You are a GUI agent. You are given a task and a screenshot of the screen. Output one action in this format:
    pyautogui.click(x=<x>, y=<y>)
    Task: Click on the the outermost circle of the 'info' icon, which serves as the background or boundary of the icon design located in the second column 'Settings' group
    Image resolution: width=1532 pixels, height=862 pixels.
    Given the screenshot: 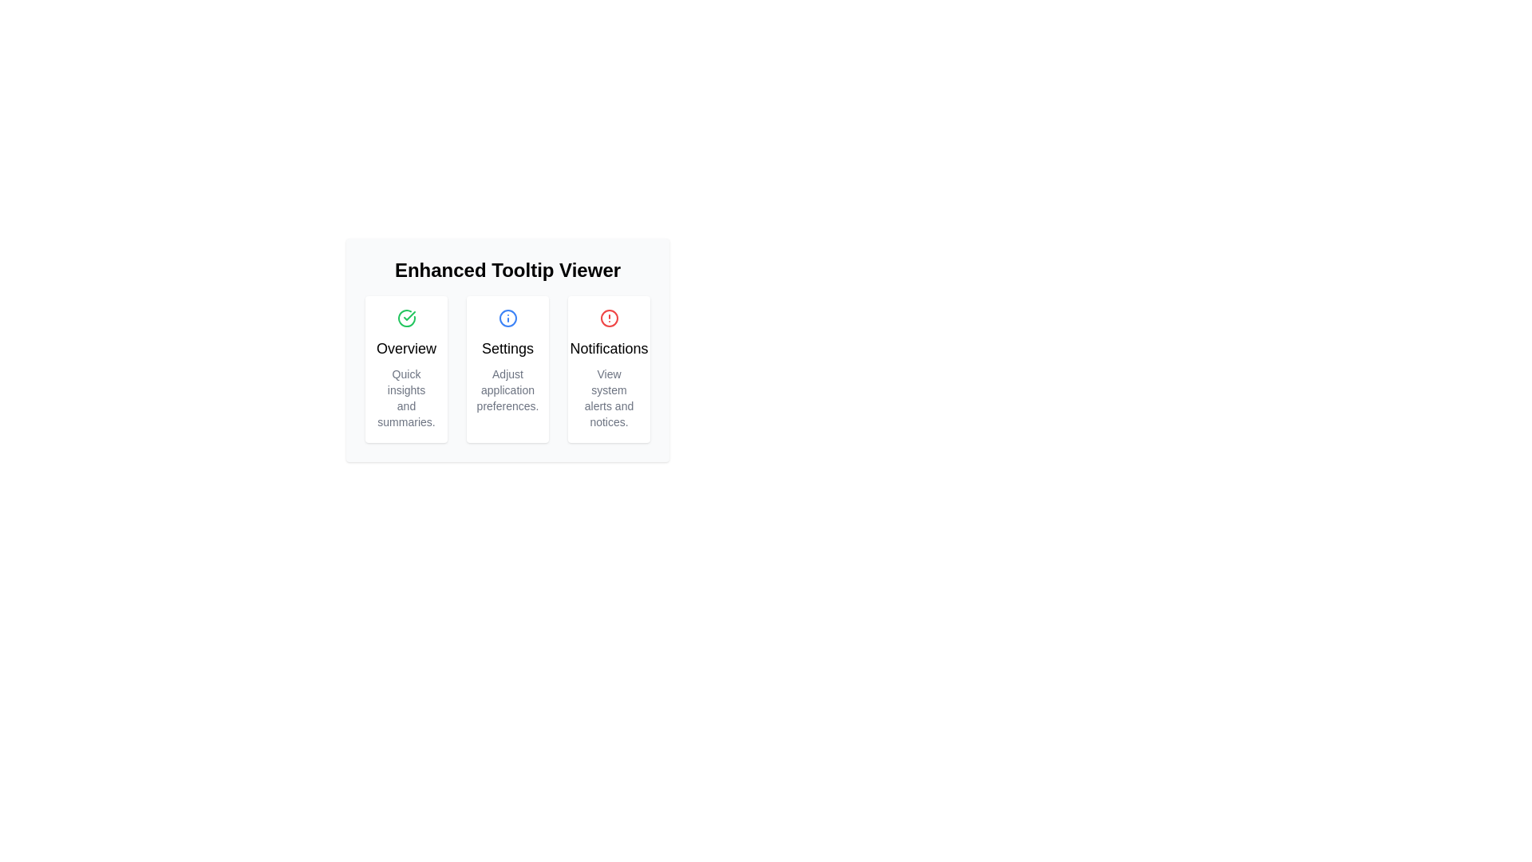 What is the action you would take?
    pyautogui.click(x=507, y=318)
    